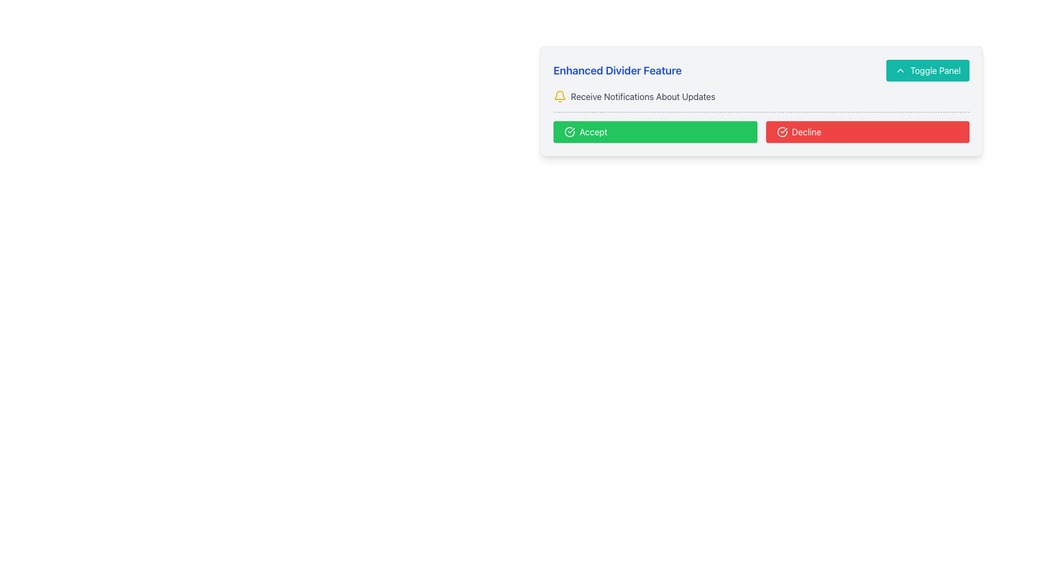  I want to click on the Horizontal Rule (Divider) that visually separates the notification text from the action buttons, located between 'Receive Notifications About Updates' and the action buttons 'Accept' and 'Decline', so click(761, 112).